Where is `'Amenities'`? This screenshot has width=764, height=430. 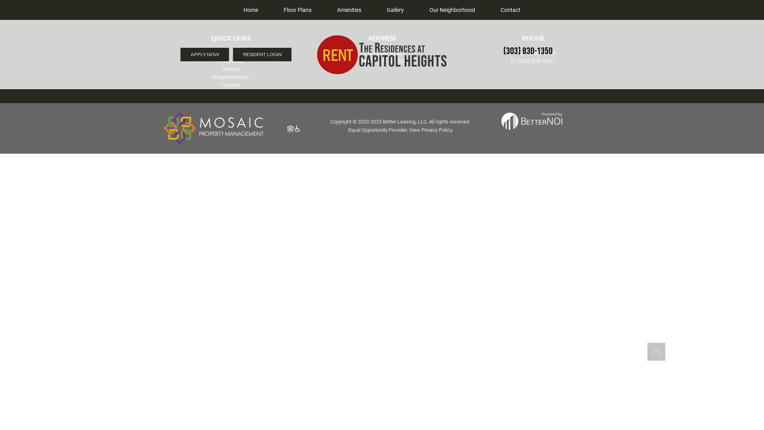
'Amenities' is located at coordinates (349, 10).